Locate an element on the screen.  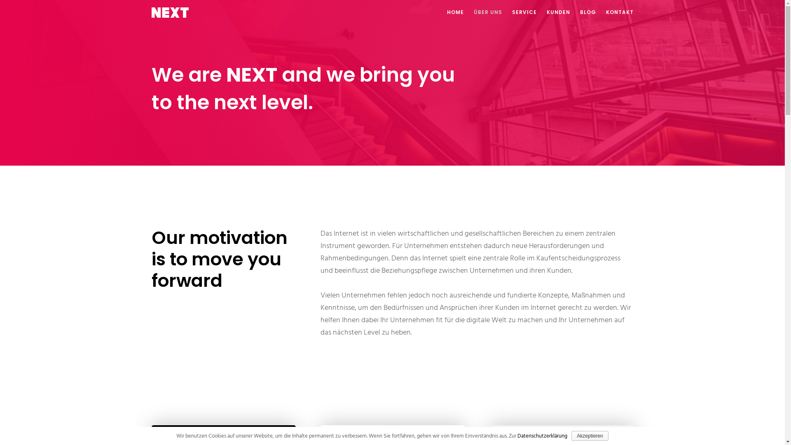
'KONTAKT' is located at coordinates (614, 12).